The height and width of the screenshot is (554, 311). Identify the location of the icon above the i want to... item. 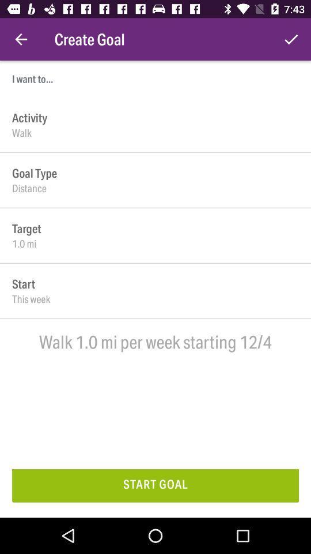
(21, 39).